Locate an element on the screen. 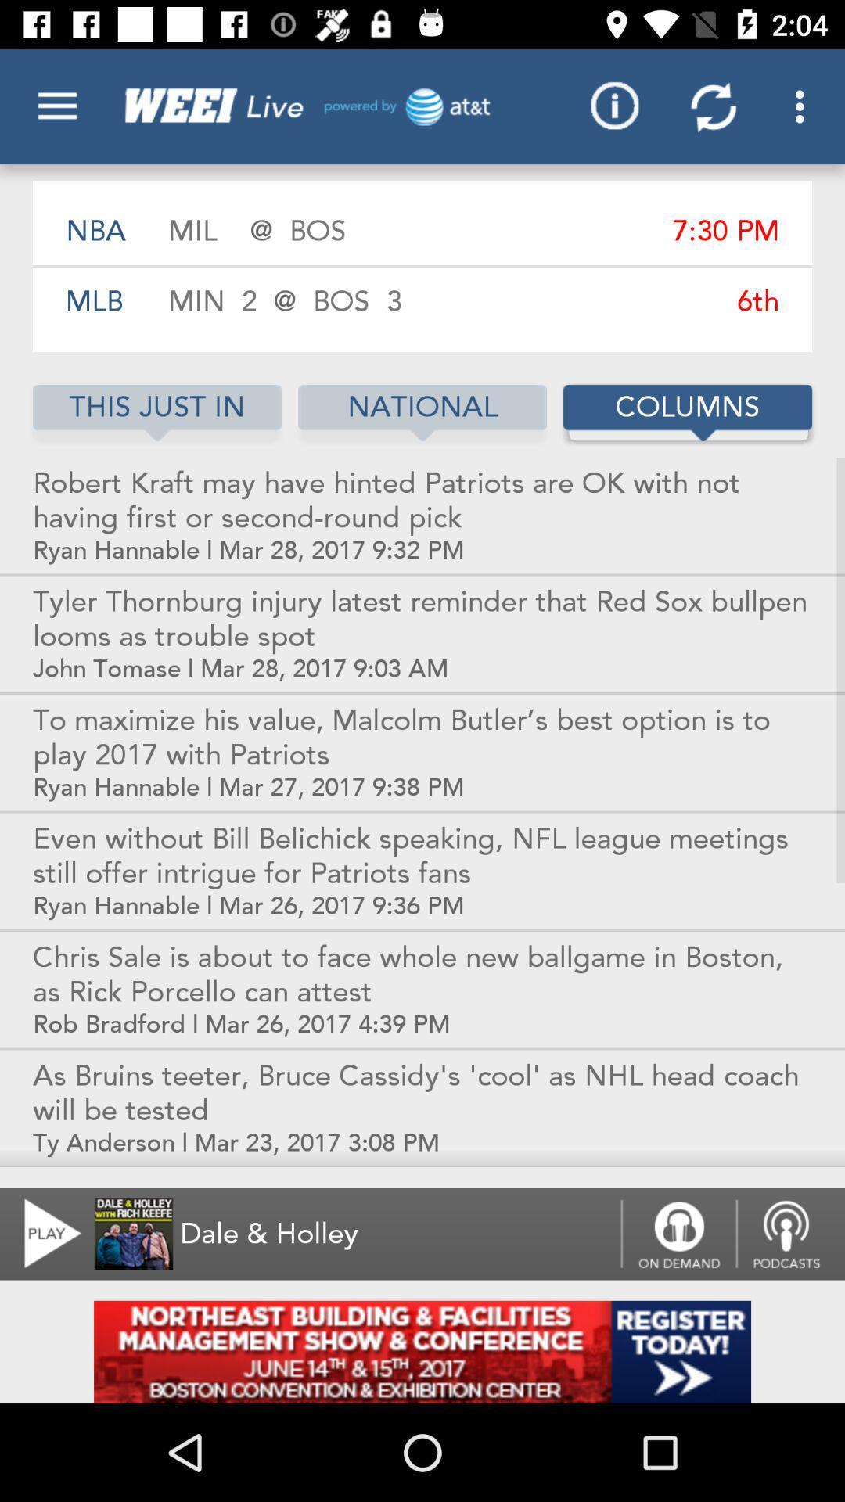 The height and width of the screenshot is (1502, 845). the play icon is located at coordinates (42, 1233).